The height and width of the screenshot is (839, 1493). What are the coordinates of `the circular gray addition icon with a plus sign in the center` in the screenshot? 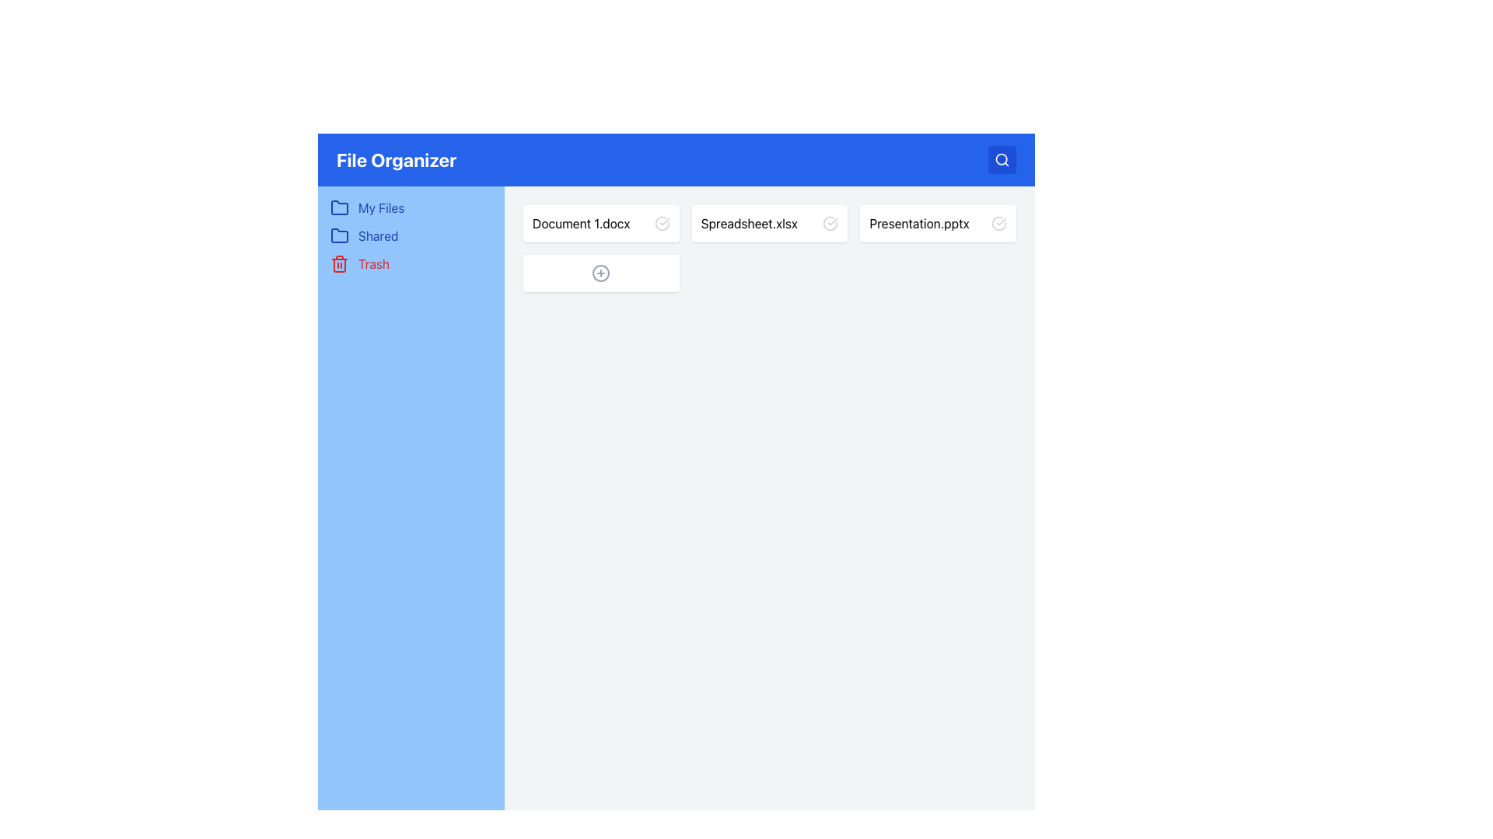 It's located at (600, 272).